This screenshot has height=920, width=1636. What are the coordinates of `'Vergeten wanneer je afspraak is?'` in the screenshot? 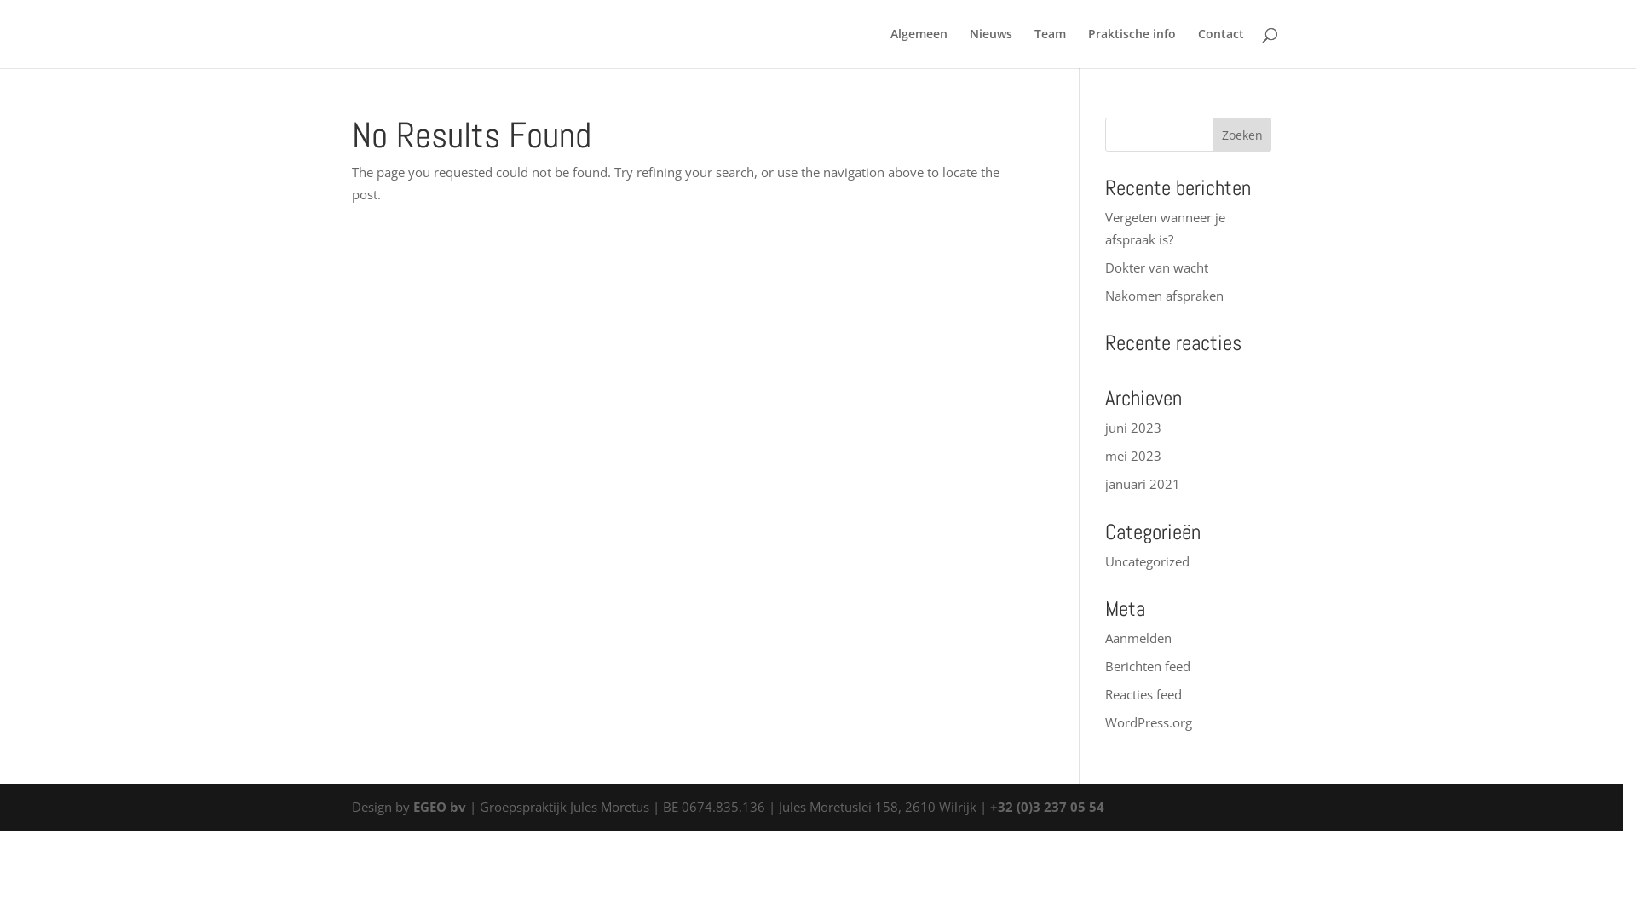 It's located at (1164, 227).